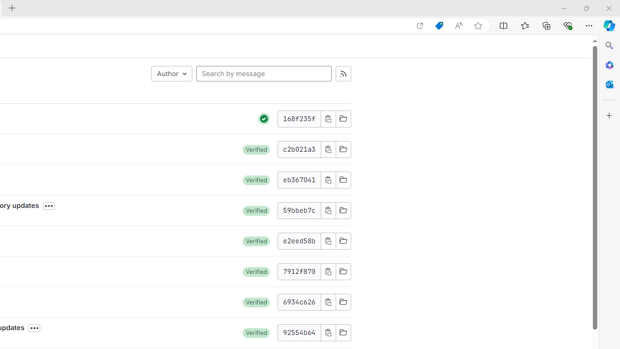 This screenshot has width=620, height=349. Describe the element at coordinates (458, 25) in the screenshot. I see `'Read aloud this page (Ctrl+Shift+U)'` at that location.